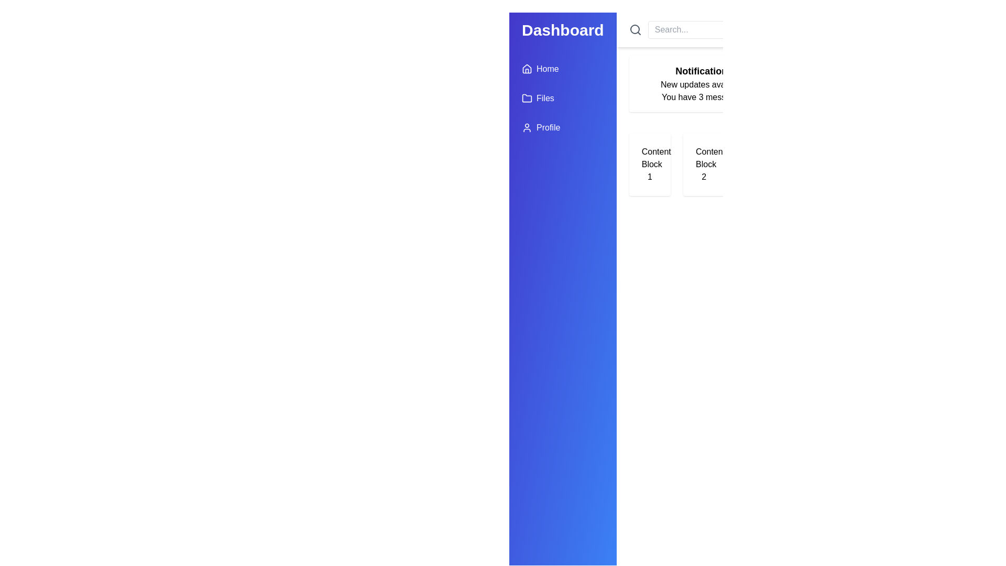 Image resolution: width=1006 pixels, height=566 pixels. Describe the element at coordinates (704, 164) in the screenshot. I see `the grid containing three content boxes labeled as 'Content Block 1', 'Content Block 2', and 'Content Block 3' located in the upper-right portion of the layout` at that location.